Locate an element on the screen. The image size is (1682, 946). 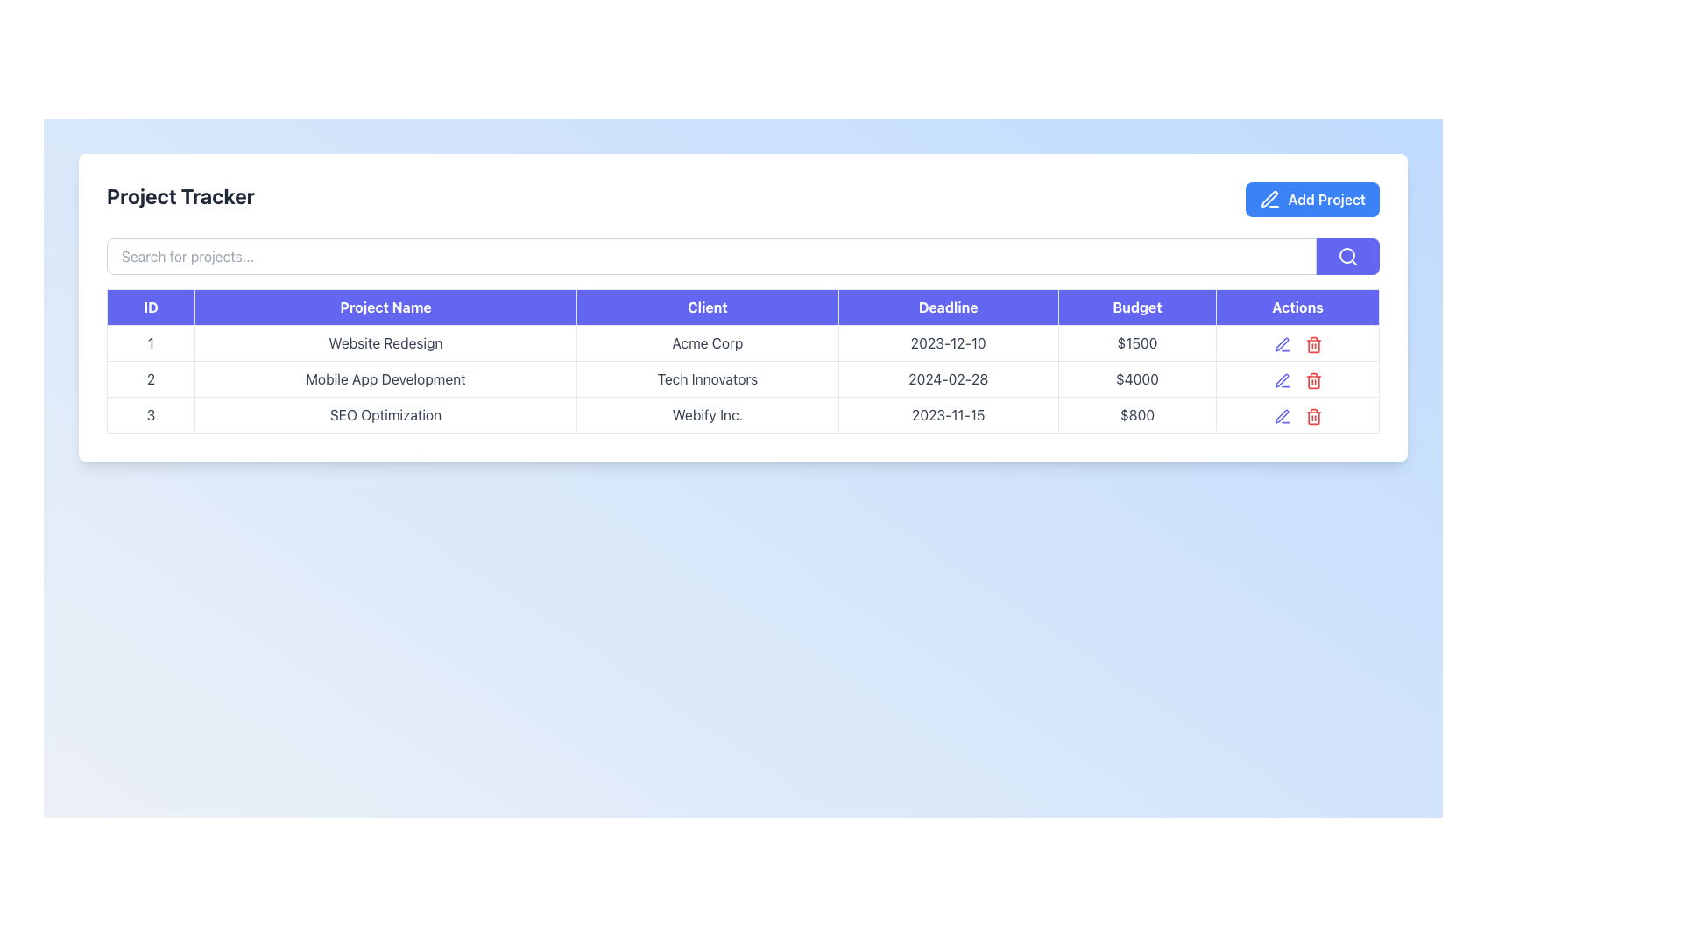
the Text Display Element that shows the deadline date for the 'Mobile App Development' project located in the 'Deadline' column of the second row in the table is located at coordinates (947, 378).